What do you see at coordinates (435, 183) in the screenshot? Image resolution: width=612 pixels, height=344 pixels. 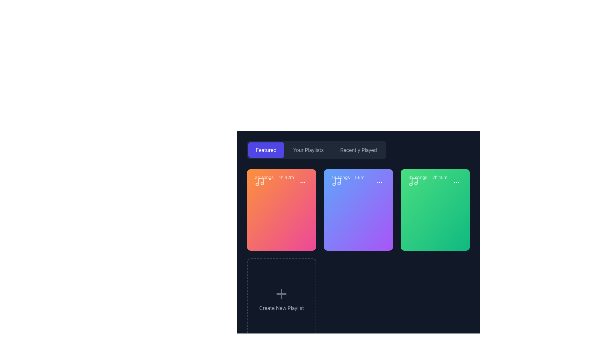 I see `the text block in the third card of the playlist grid that provides details about the playlist, including the number of songs and total duration` at bounding box center [435, 183].